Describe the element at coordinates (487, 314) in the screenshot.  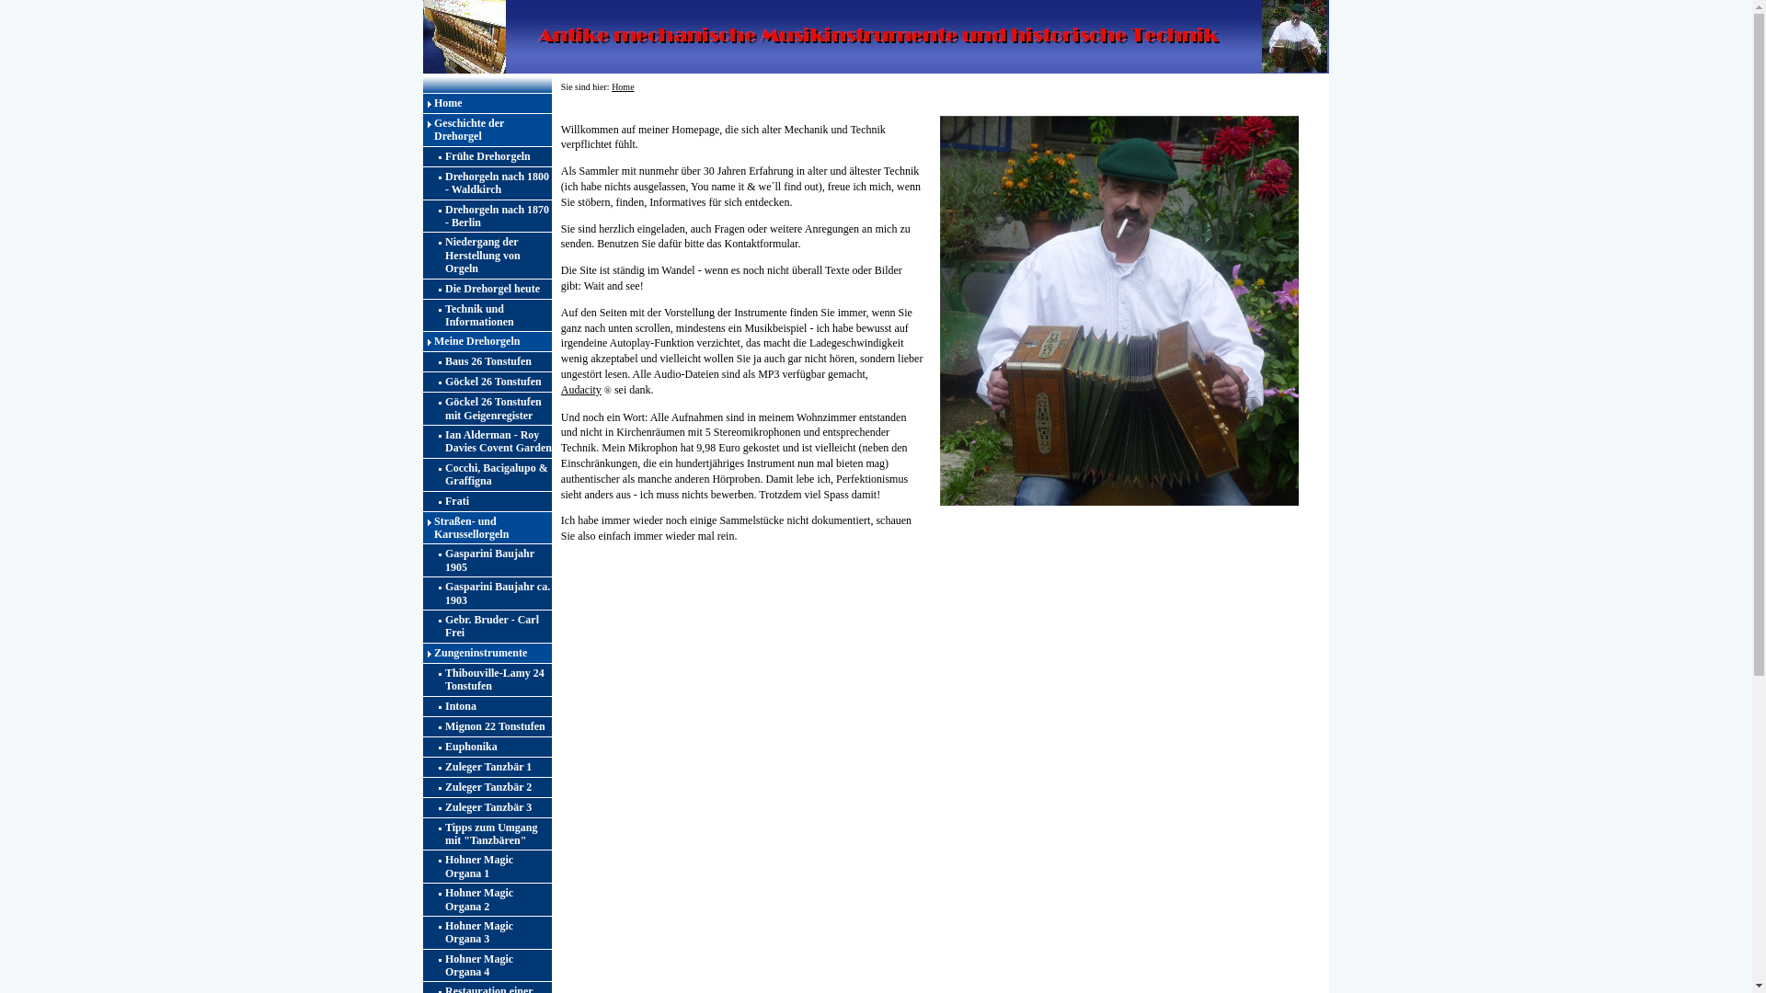
I see `'Technik und Informationen'` at that location.